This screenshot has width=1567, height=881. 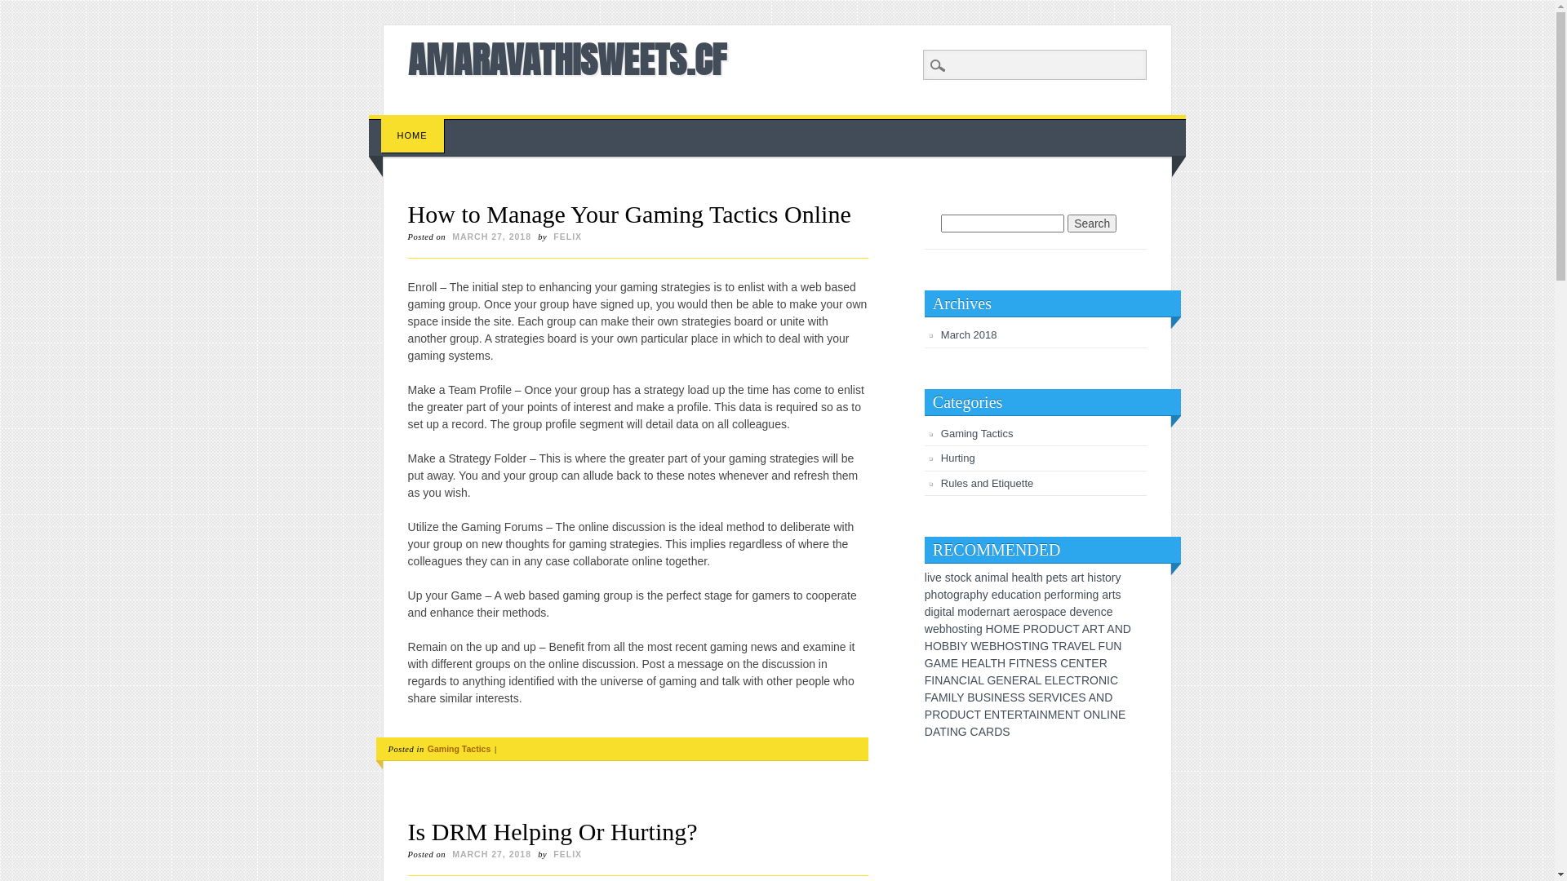 What do you see at coordinates (1031, 577) in the screenshot?
I see `'l'` at bounding box center [1031, 577].